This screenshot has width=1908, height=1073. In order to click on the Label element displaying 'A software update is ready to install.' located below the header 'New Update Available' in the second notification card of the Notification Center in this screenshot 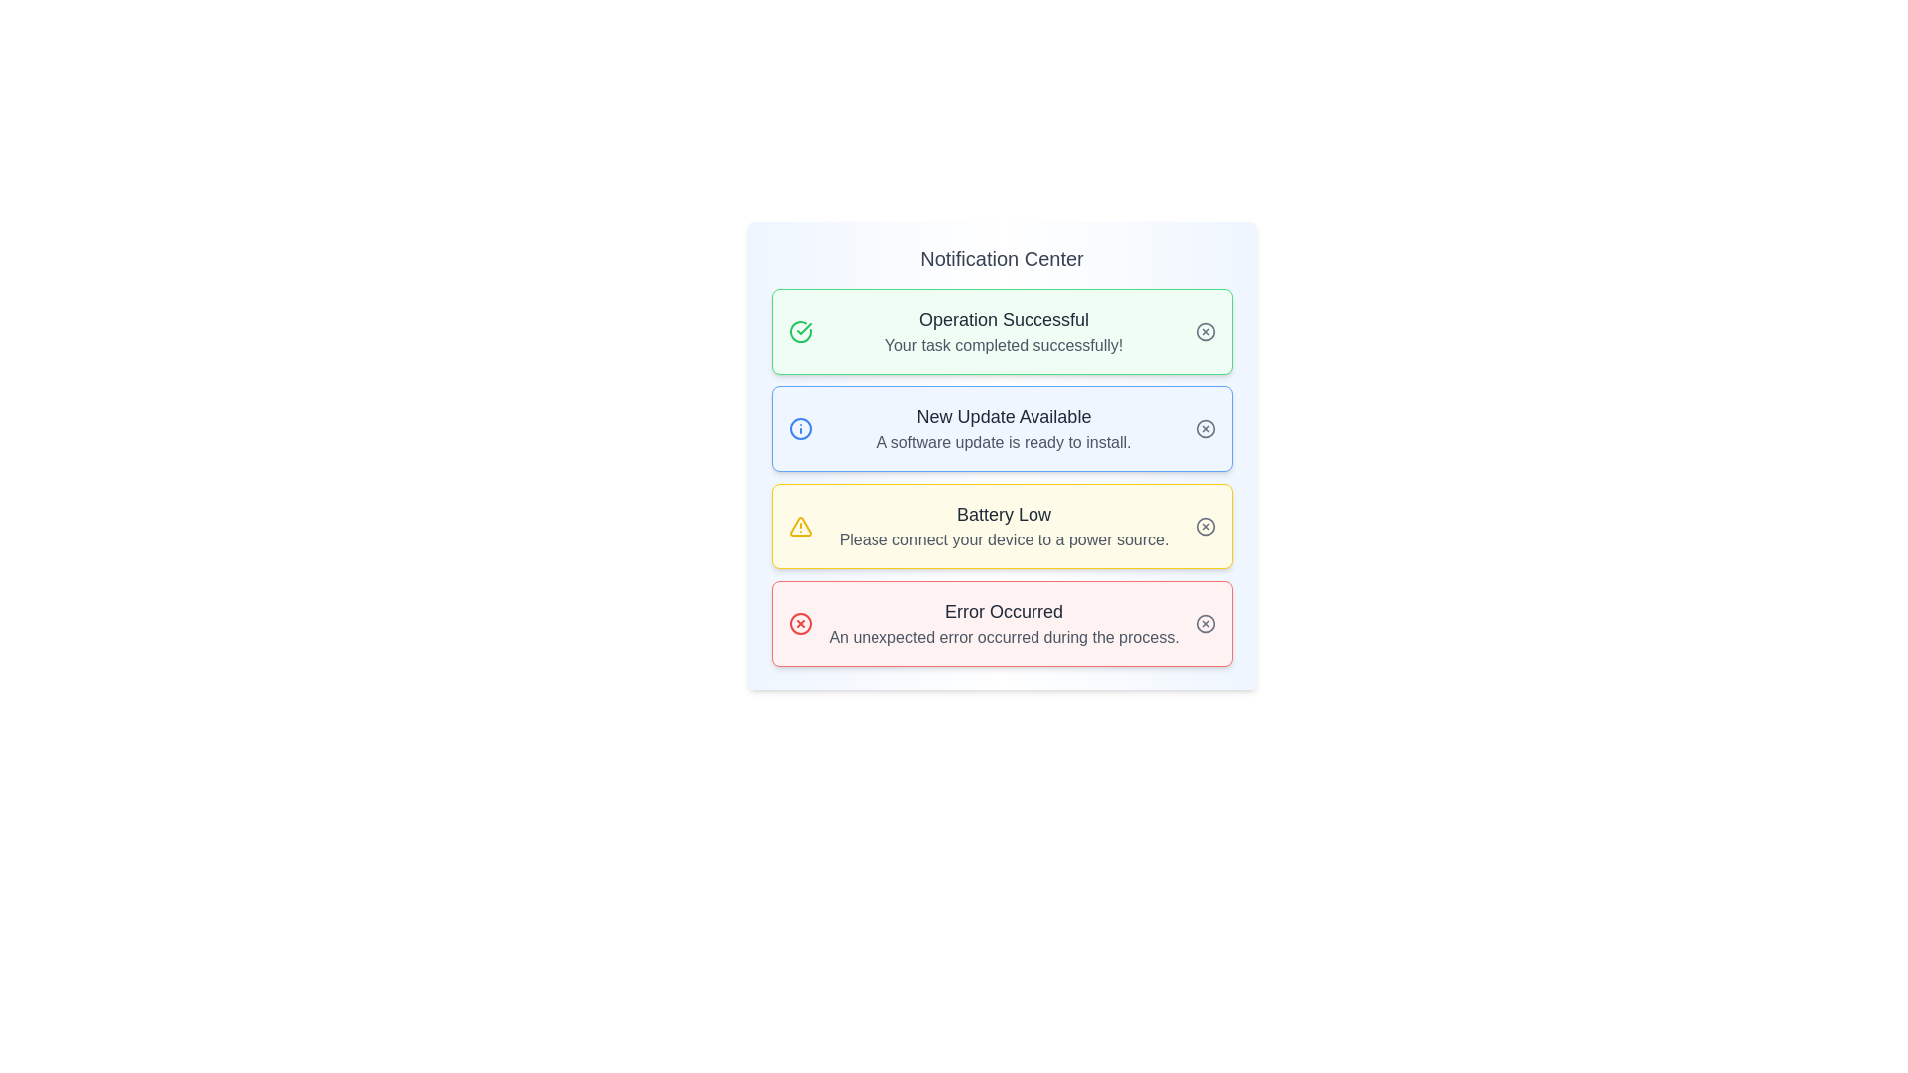, I will do `click(1004, 442)`.